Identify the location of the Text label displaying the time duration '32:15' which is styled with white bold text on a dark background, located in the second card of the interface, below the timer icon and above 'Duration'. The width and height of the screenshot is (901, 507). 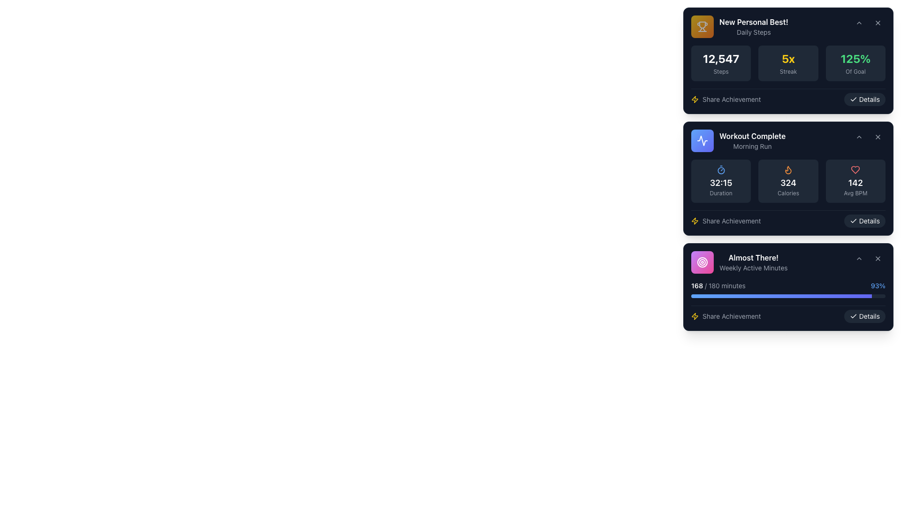
(720, 183).